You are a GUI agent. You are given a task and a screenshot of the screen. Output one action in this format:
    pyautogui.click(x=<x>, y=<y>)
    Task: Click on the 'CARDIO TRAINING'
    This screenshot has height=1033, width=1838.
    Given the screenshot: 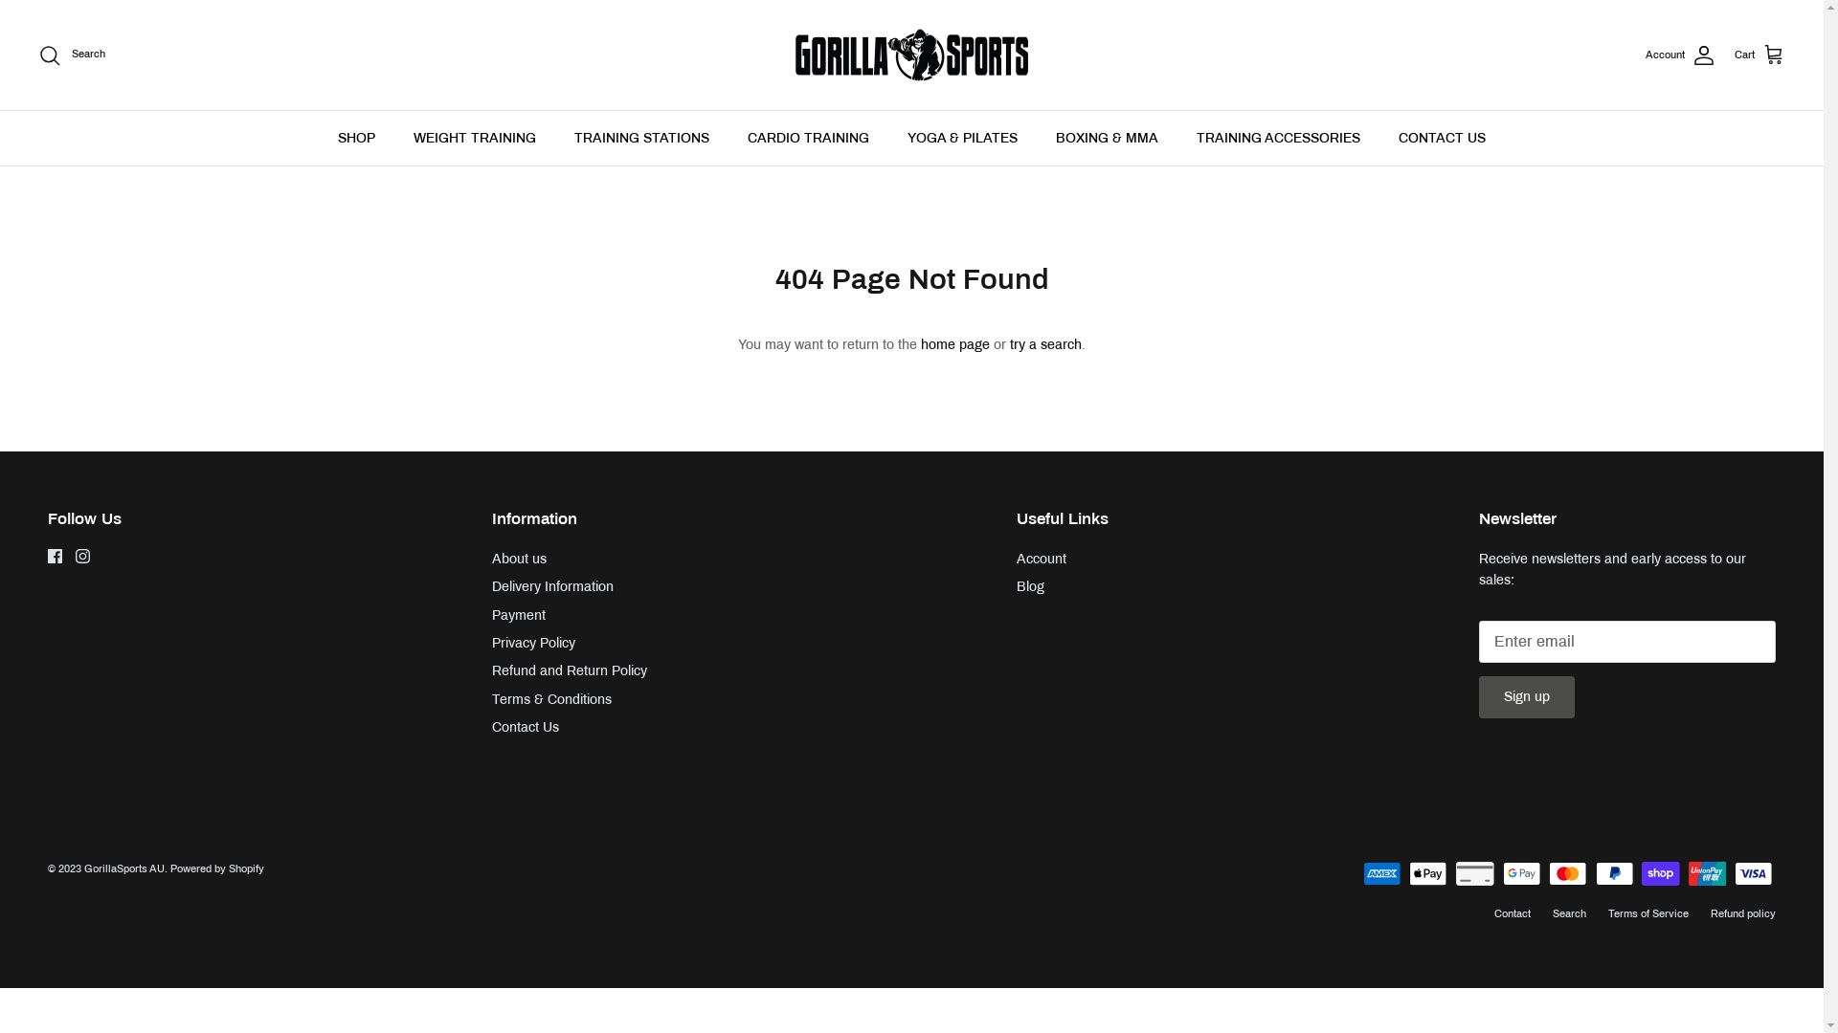 What is the action you would take?
    pyautogui.click(x=808, y=137)
    